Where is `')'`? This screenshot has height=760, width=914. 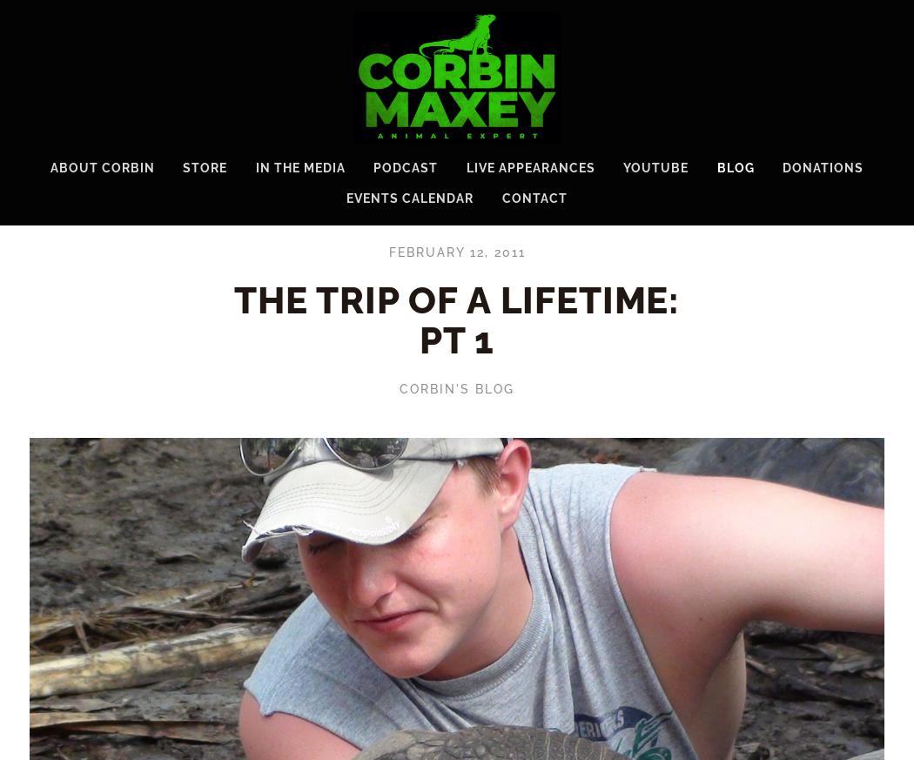 ')' is located at coordinates (888, 6).